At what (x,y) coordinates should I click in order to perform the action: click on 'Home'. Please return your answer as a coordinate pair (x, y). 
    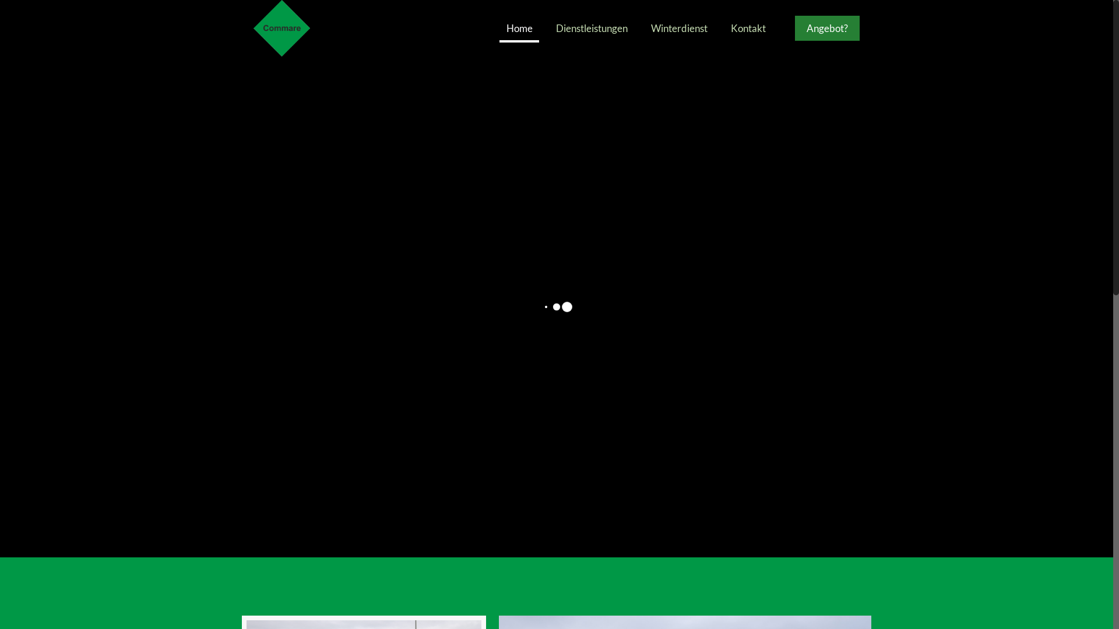
    Looking at the image, I should click on (495, 27).